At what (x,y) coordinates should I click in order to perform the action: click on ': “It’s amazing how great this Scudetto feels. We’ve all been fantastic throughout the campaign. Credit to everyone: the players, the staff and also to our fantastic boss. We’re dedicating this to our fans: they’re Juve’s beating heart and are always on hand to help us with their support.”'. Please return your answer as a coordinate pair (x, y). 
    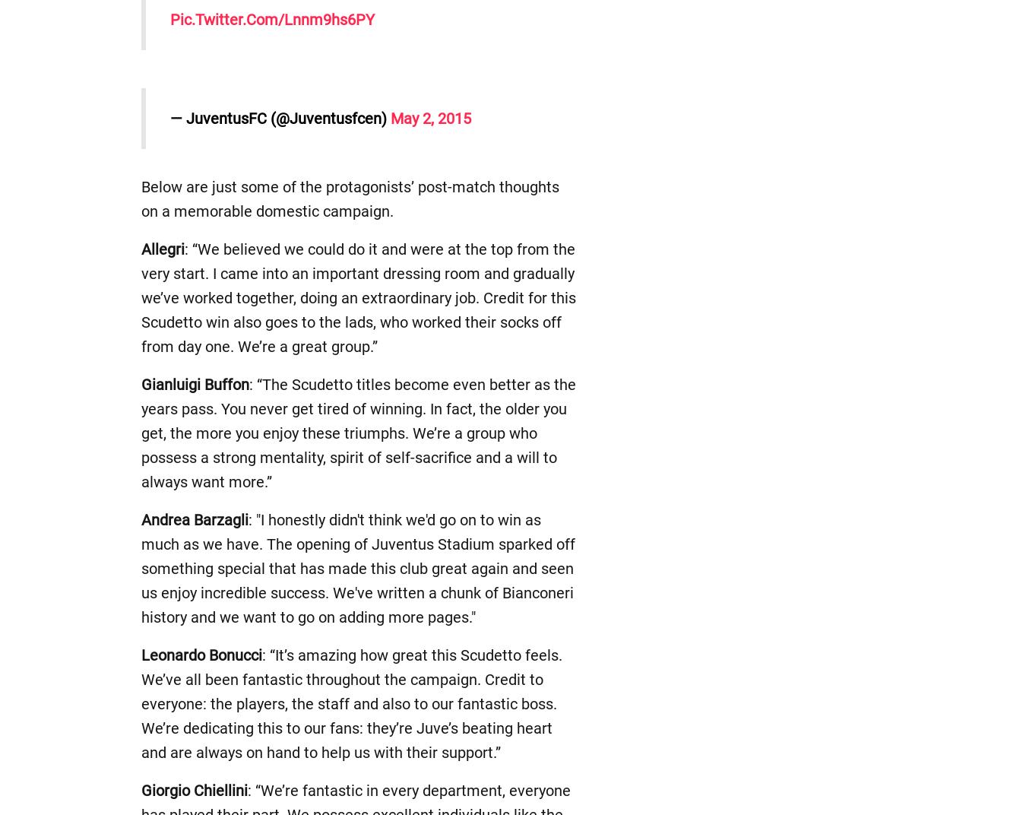
    Looking at the image, I should click on (350, 703).